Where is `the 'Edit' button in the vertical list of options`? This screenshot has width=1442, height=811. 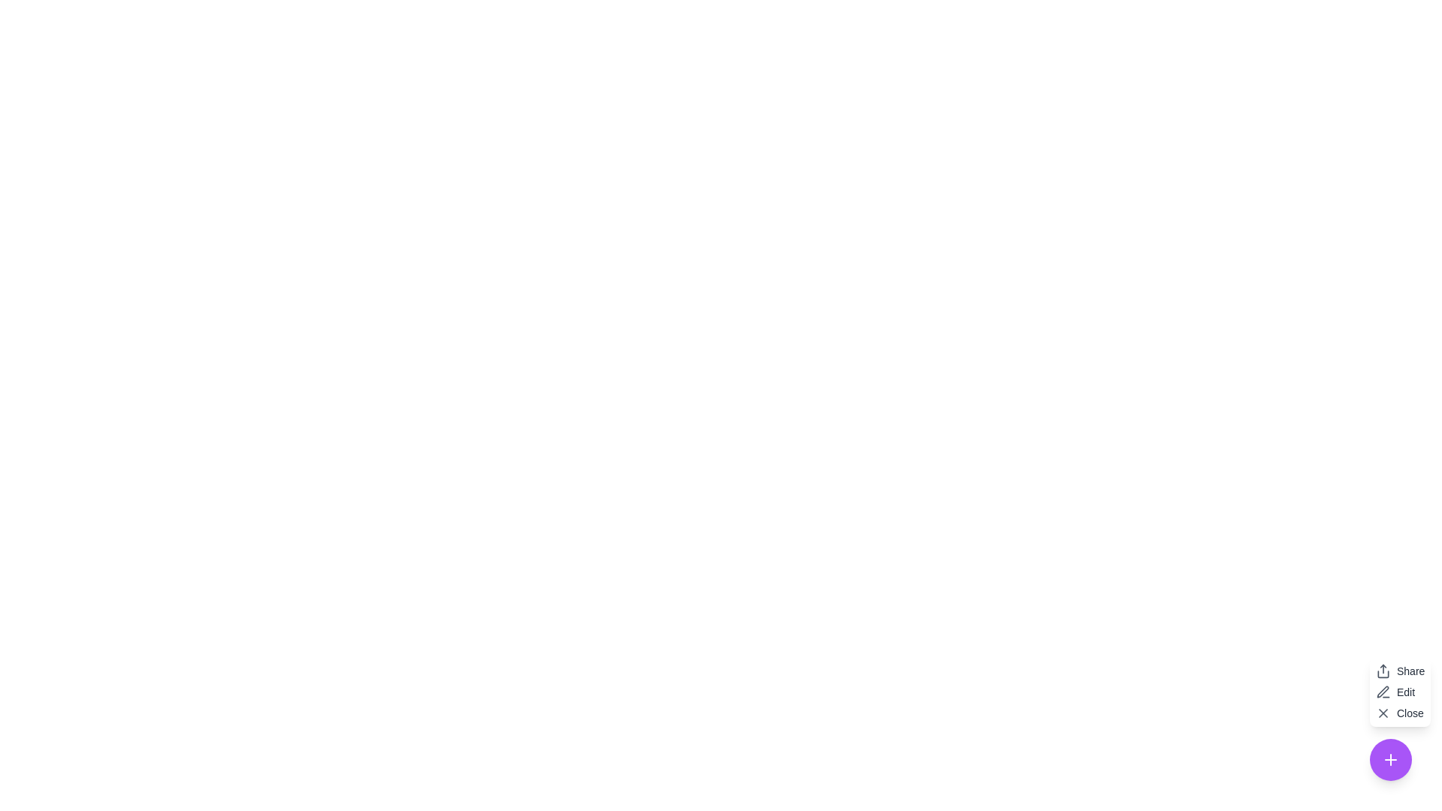
the 'Edit' button in the vertical list of options is located at coordinates (1399, 692).